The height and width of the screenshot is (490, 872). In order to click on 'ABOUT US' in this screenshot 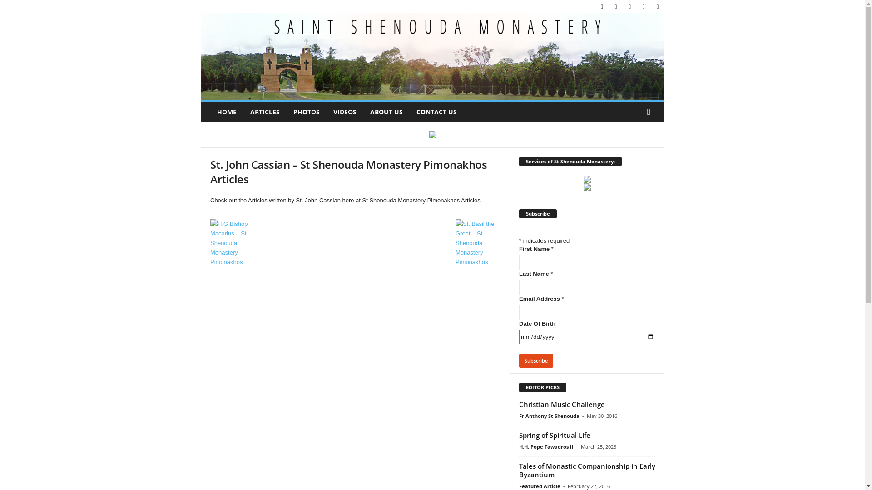, I will do `click(386, 111)`.